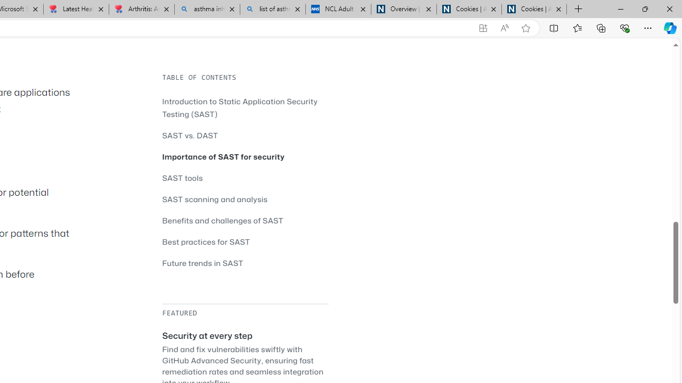 The image size is (682, 383). What do you see at coordinates (202, 263) in the screenshot?
I see `'Future trends in SAST'` at bounding box center [202, 263].